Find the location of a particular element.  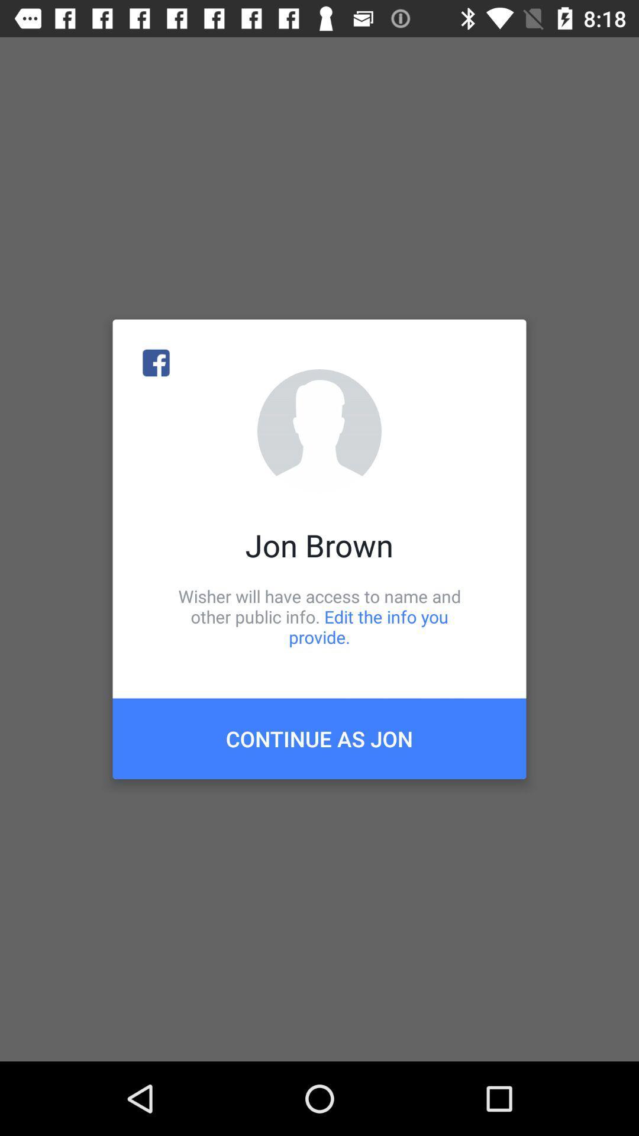

wisher will have is located at coordinates (319, 616).